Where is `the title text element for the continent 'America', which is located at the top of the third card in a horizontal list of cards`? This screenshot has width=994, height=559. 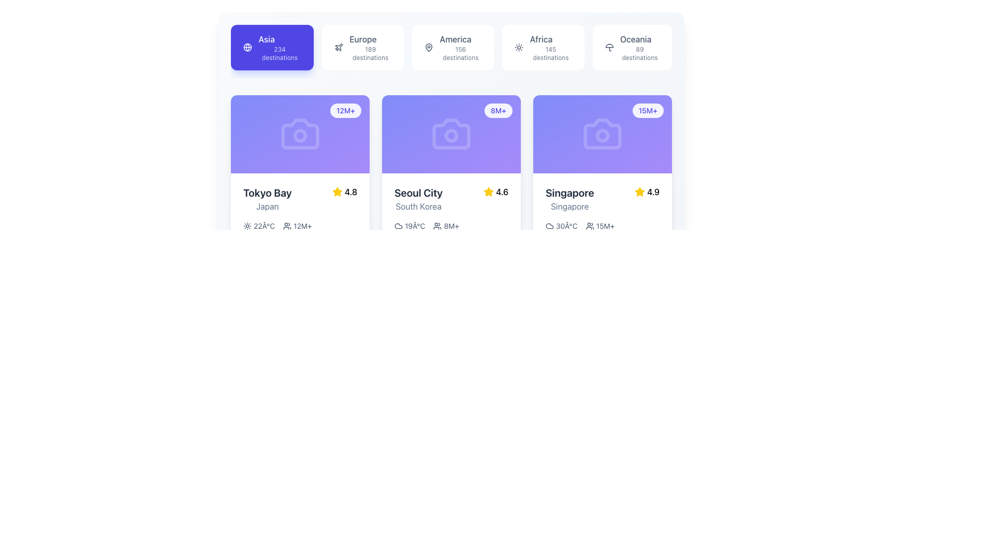
the title text element for the continent 'America', which is located at the top of the third card in a horizontal list of cards is located at coordinates (456, 39).